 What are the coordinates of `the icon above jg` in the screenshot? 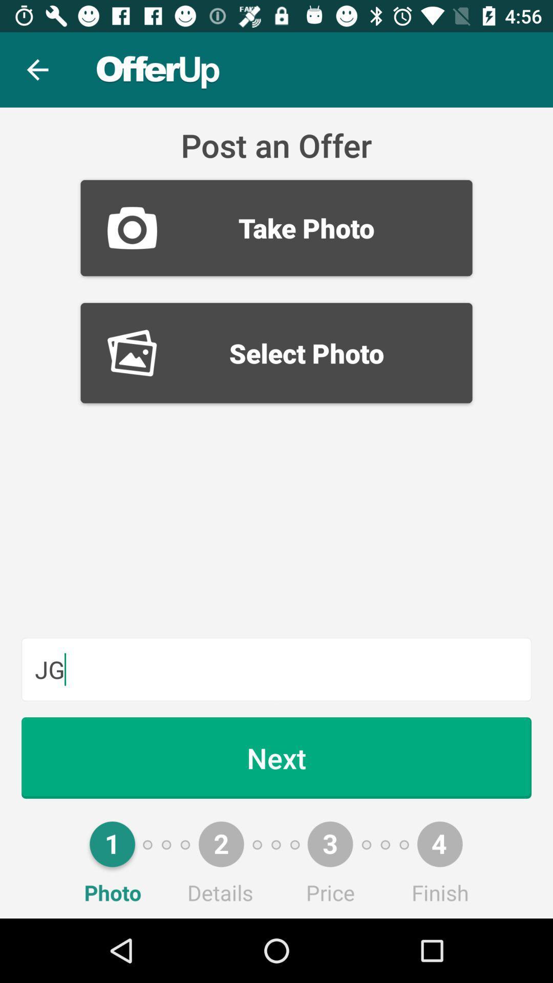 It's located at (276, 353).